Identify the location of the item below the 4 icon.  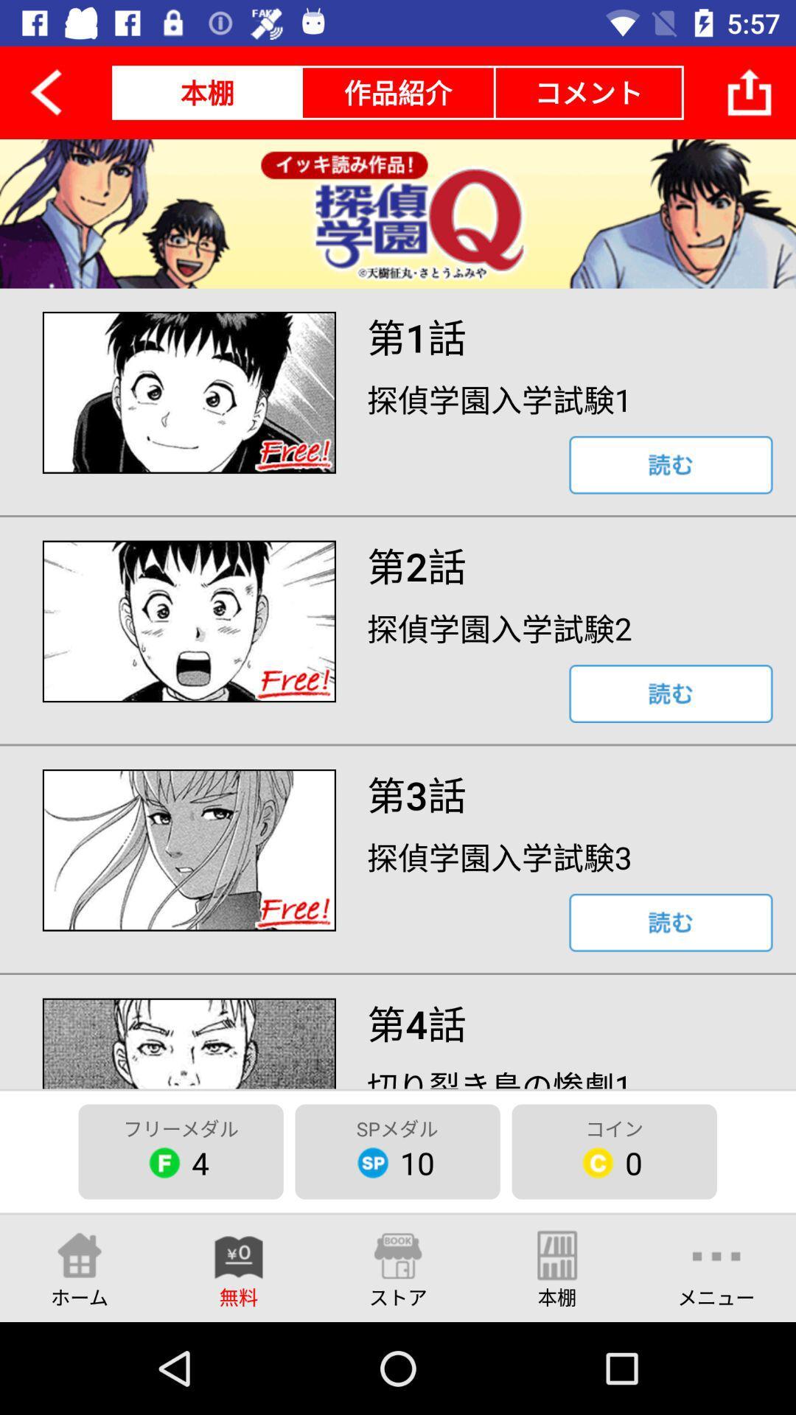
(80, 1268).